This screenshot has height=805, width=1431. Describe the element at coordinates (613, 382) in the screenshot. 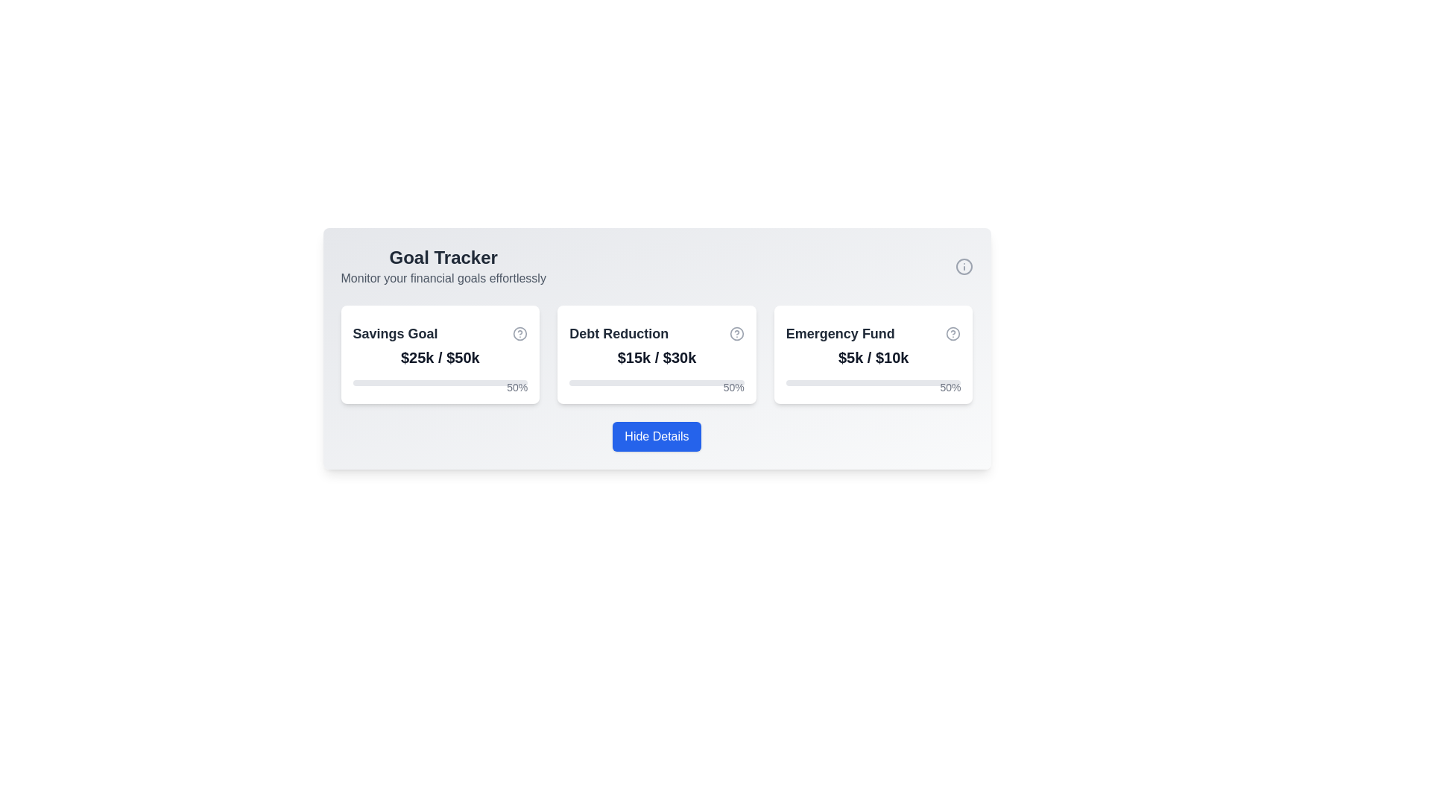

I see `the progress bar segment indicating 50% completion of the 'Debt Reduction' goal within the second card labeled 'Debt Reduction'` at that location.